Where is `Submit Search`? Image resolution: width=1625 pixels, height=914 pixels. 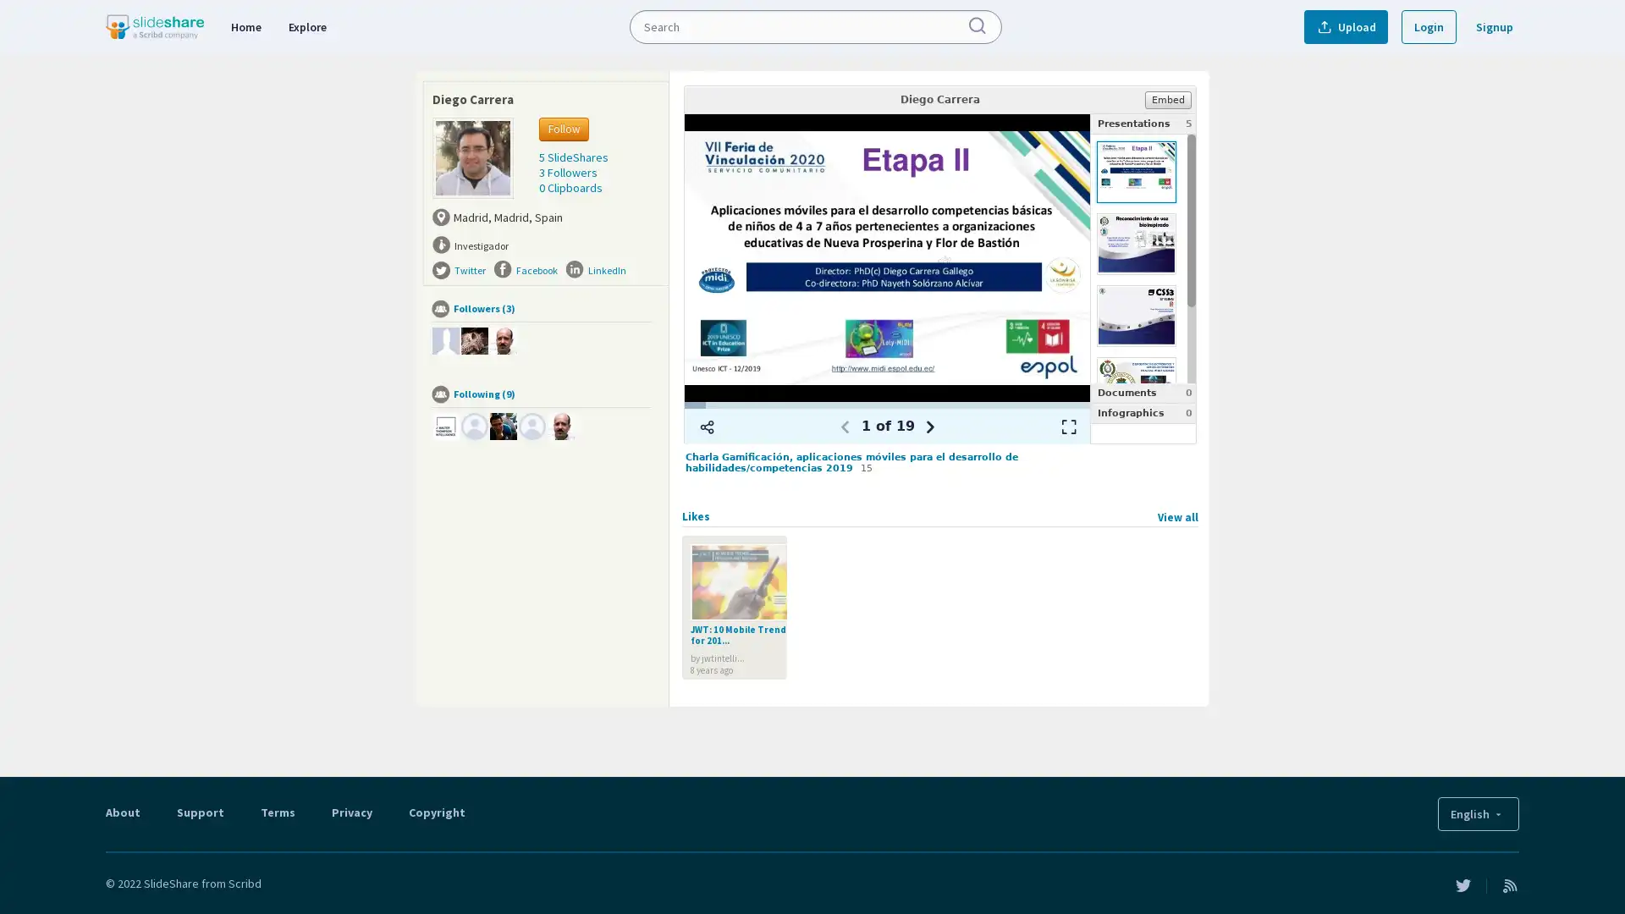
Submit Search is located at coordinates (975, 25).